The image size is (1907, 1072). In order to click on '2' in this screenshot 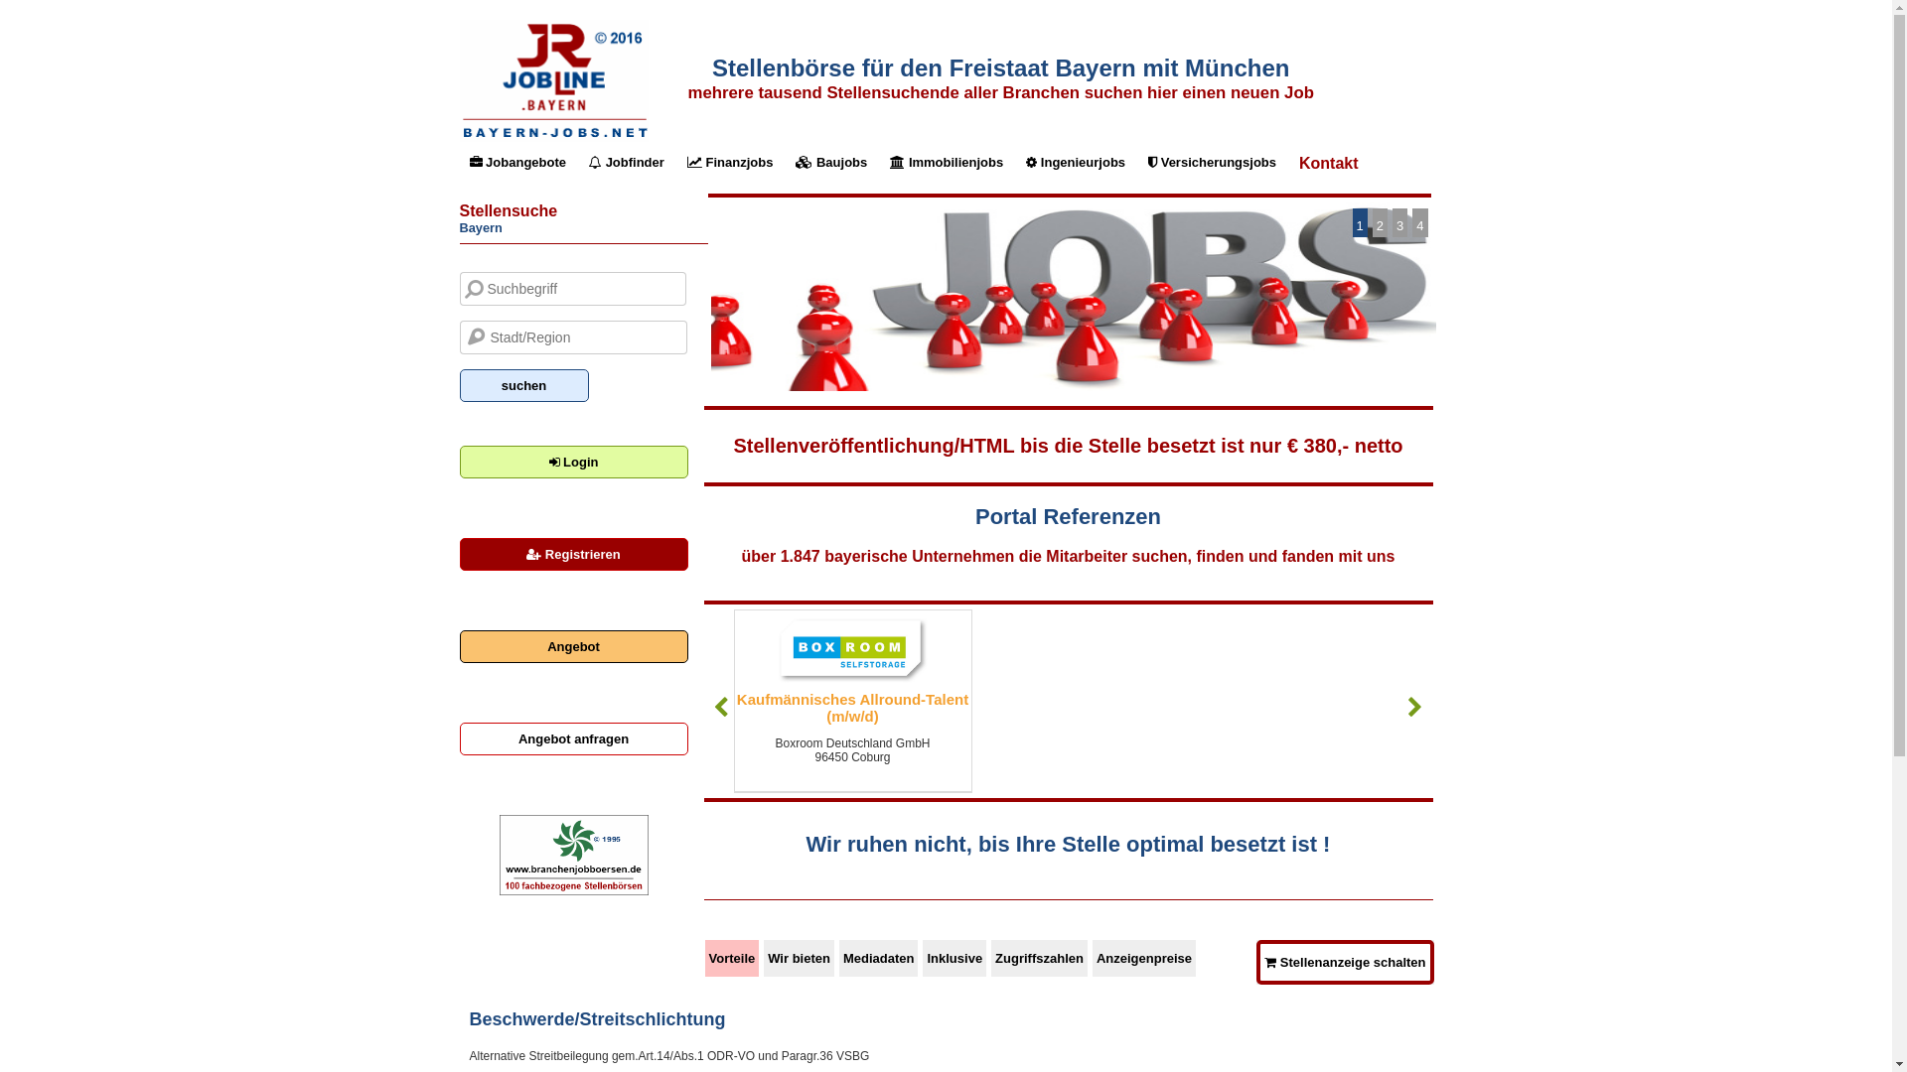, I will do `click(1372, 222)`.